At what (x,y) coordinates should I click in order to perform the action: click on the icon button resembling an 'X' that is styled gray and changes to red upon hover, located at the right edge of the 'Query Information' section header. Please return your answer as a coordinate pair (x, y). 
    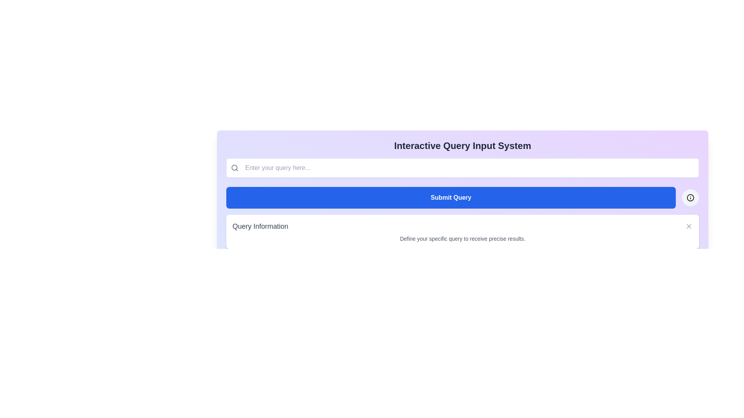
    Looking at the image, I should click on (689, 226).